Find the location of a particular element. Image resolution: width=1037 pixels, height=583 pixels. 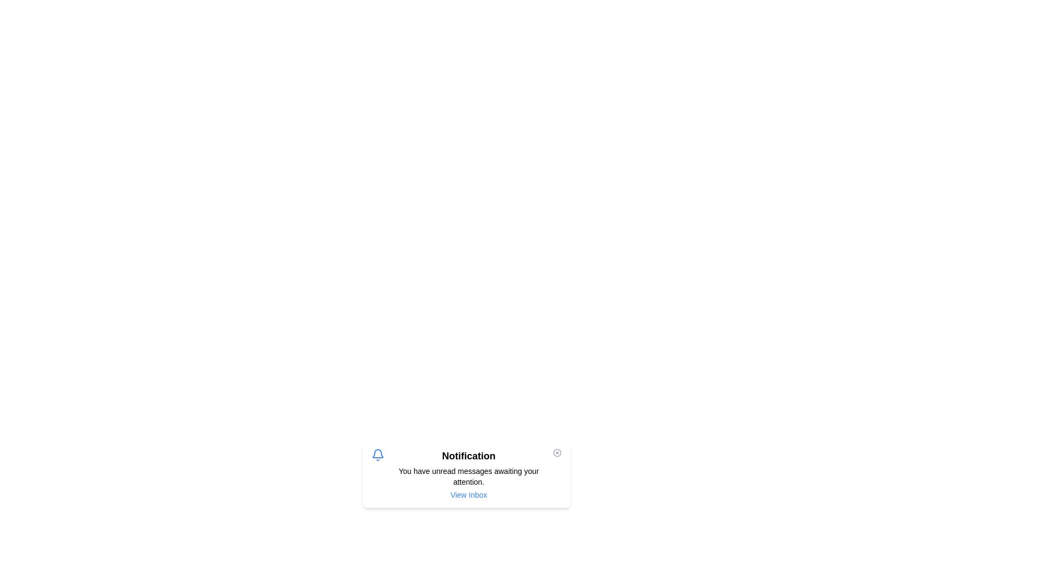

the hyperlink that opens the inbox for unread messages, located below the text 'You have unread messages awaiting your attention.' is located at coordinates (469, 495).